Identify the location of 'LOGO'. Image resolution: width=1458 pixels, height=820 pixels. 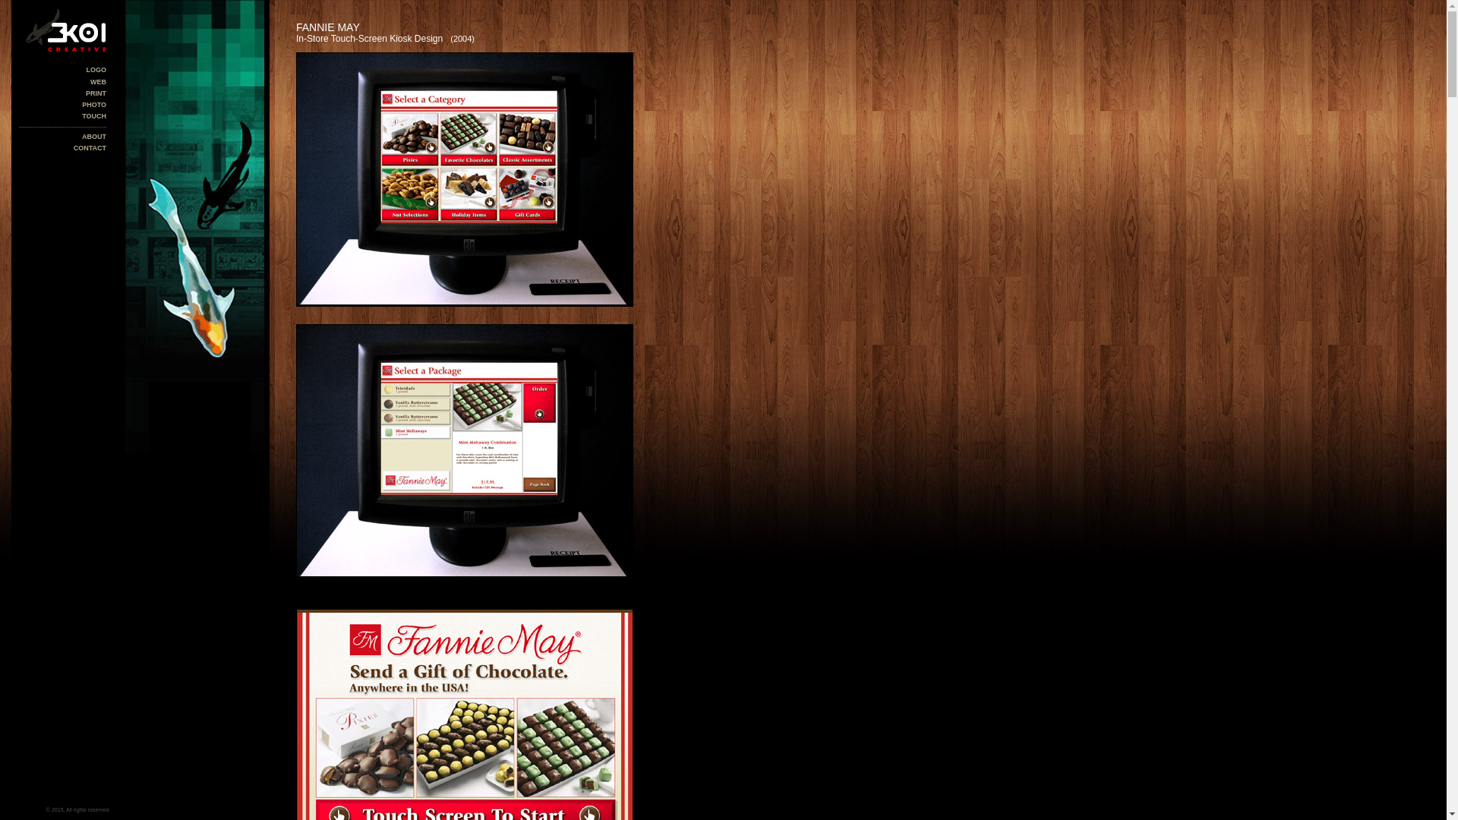
(96, 70).